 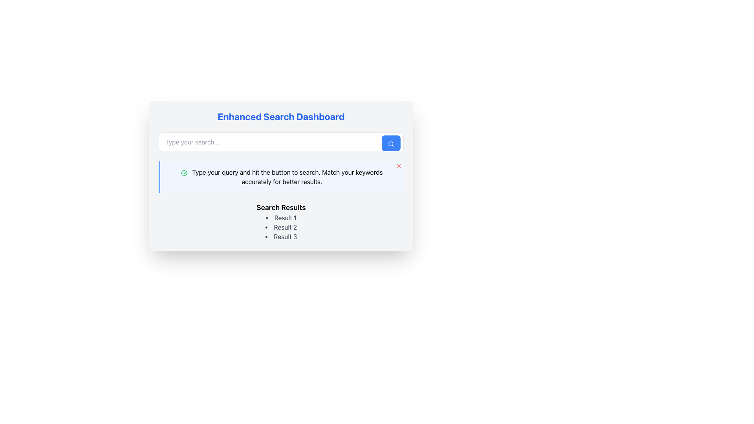 What do you see at coordinates (184, 172) in the screenshot?
I see `the graphical icon indicating positive acknowledgment or confirmation, which is located to the left of the instruction text starting with 'Type your query...'` at bounding box center [184, 172].